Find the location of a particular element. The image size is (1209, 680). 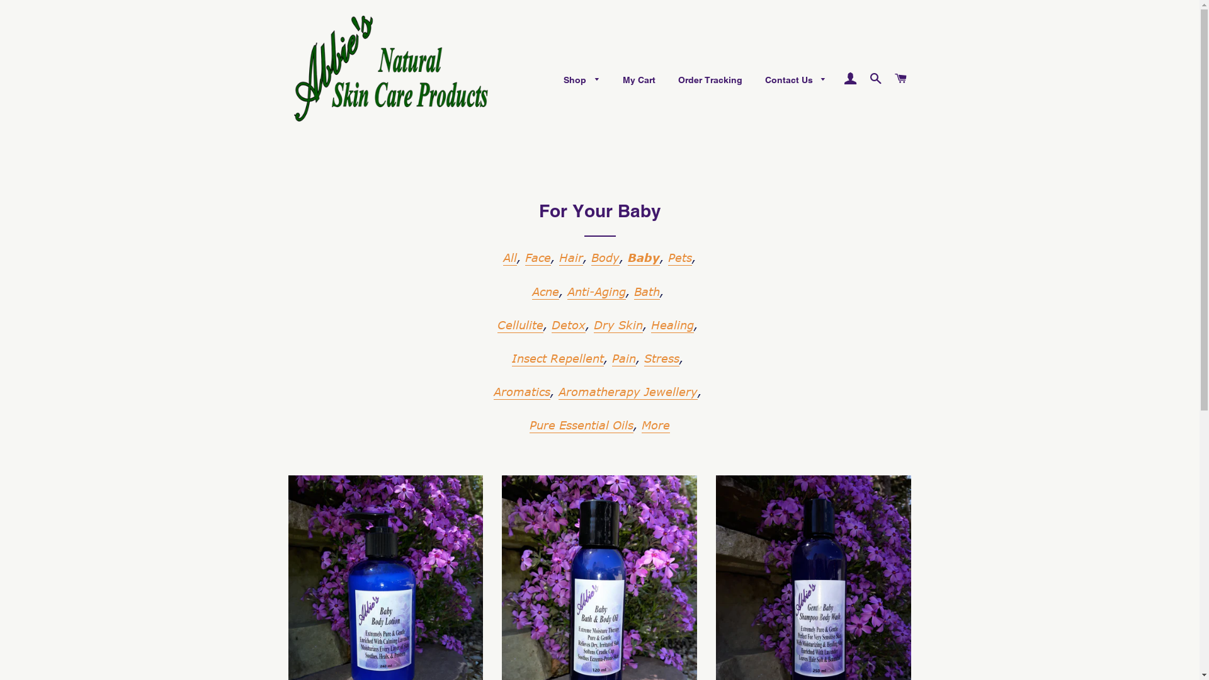

'Cellulite' is located at coordinates (520, 324).